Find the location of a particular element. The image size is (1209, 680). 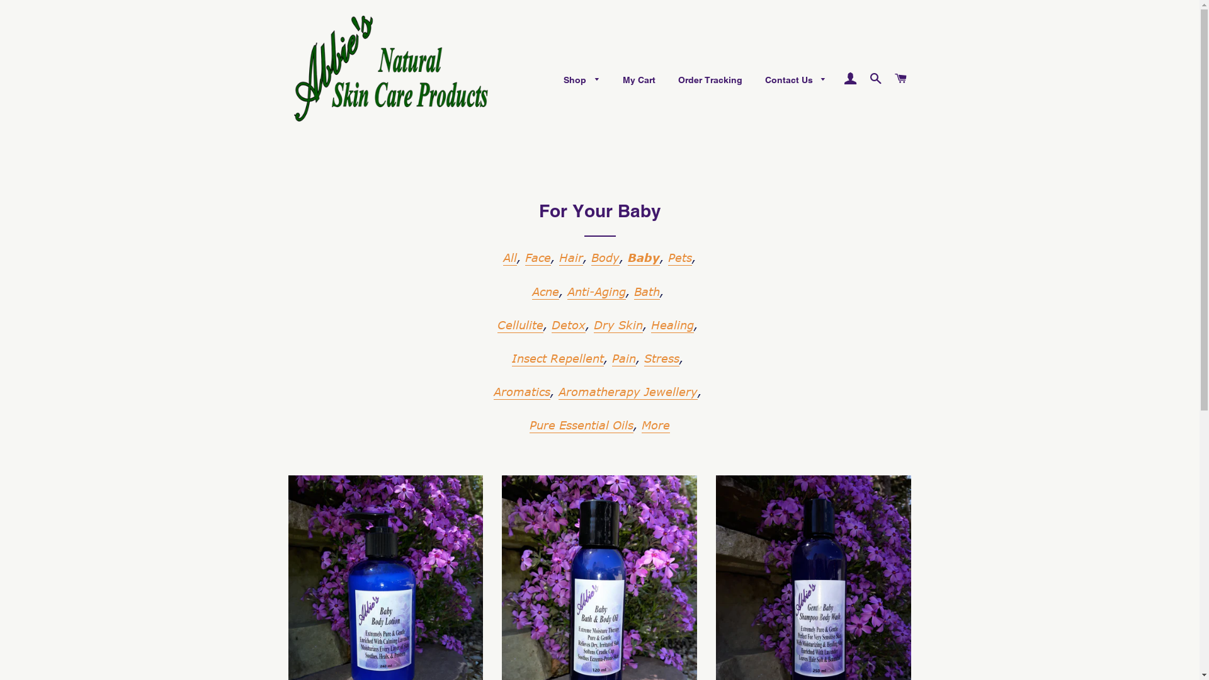

'Cellulite' is located at coordinates (520, 324).